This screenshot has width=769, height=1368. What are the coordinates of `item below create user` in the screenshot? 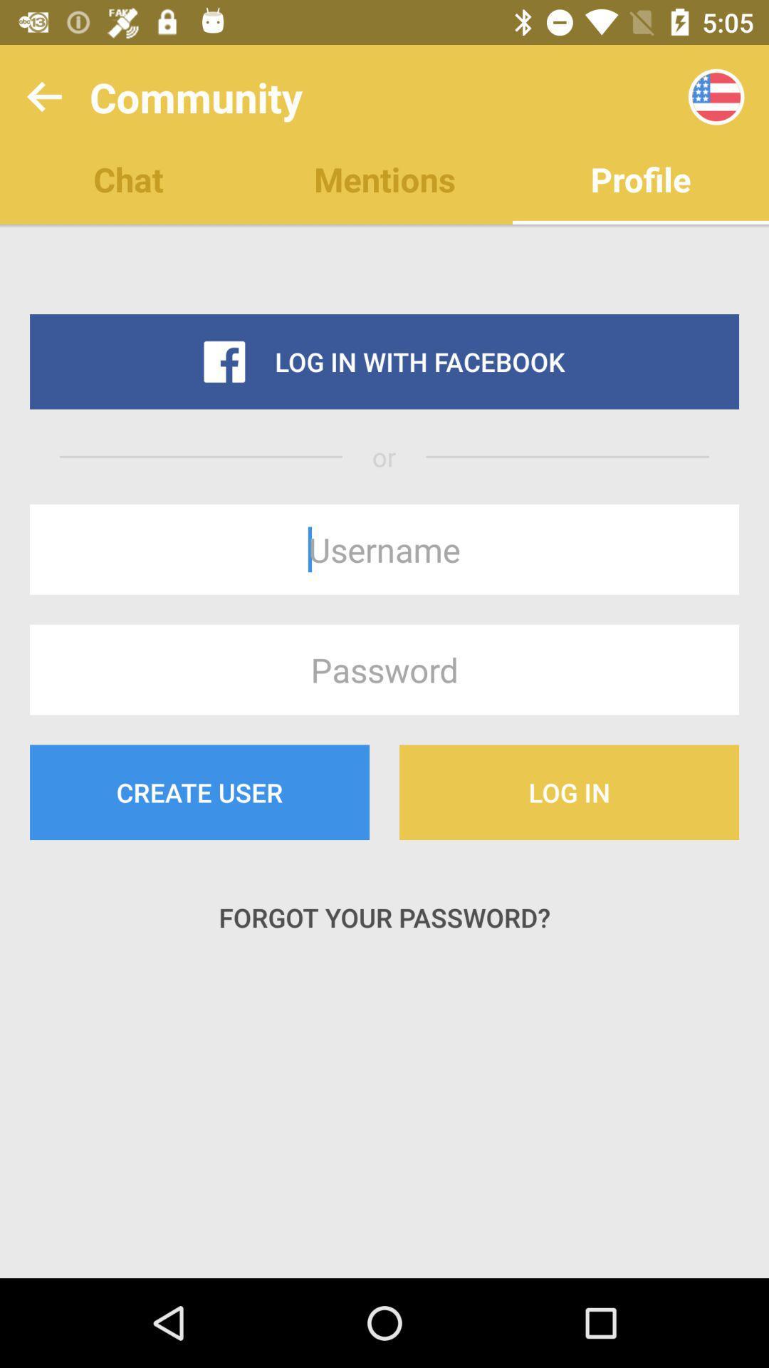 It's located at (384, 917).